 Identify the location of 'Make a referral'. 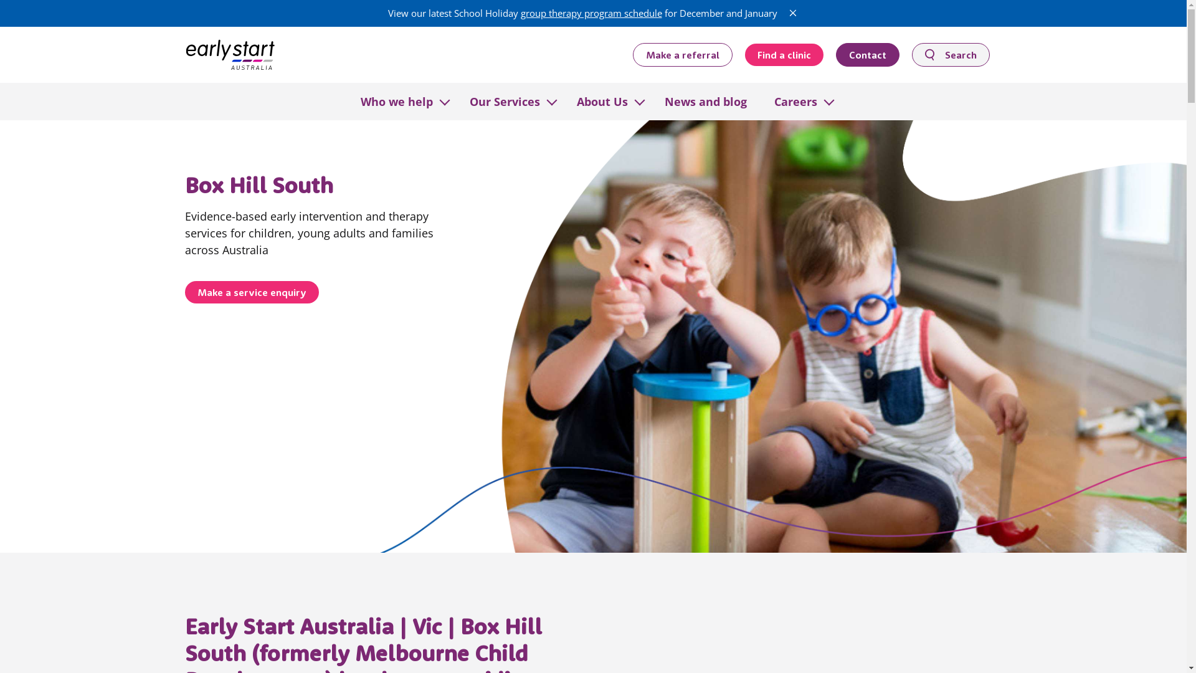
(633, 54).